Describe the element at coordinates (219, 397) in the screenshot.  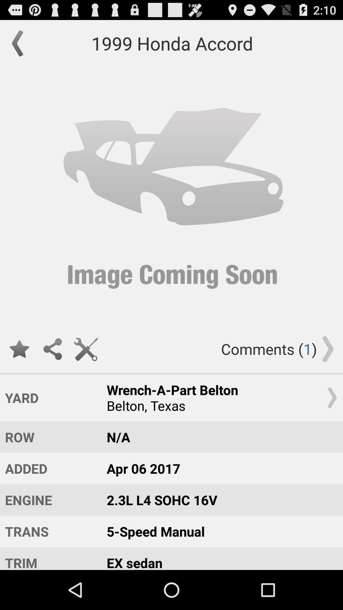
I see `the wrench a part` at that location.